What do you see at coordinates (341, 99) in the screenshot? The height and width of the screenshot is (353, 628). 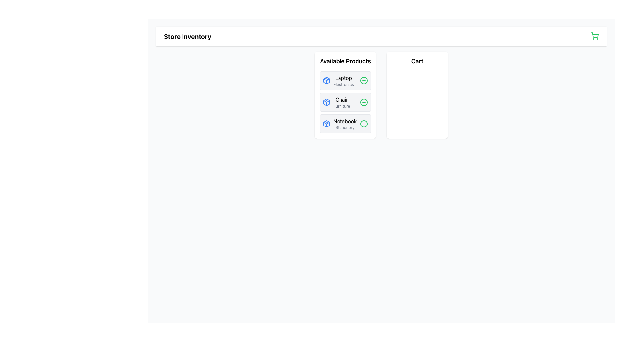 I see `the 'Chair' text label in the 'Available Products' section, which identifies the product name in the list of available products` at bounding box center [341, 99].